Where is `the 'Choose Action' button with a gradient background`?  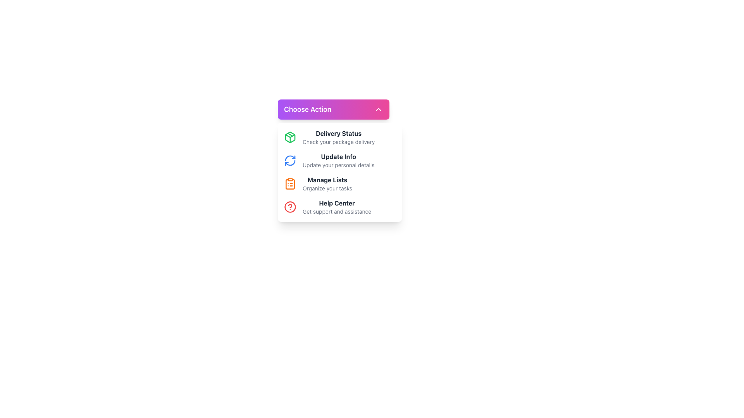
the 'Choose Action' button with a gradient background is located at coordinates (333, 109).